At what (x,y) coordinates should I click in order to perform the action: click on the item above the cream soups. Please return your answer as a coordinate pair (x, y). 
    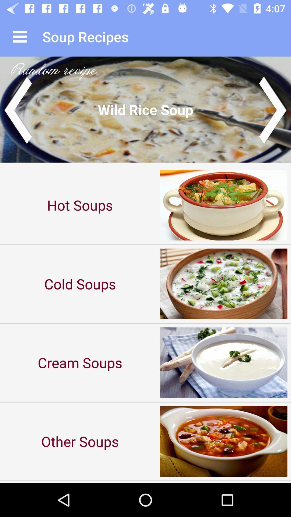
    Looking at the image, I should click on (80, 284).